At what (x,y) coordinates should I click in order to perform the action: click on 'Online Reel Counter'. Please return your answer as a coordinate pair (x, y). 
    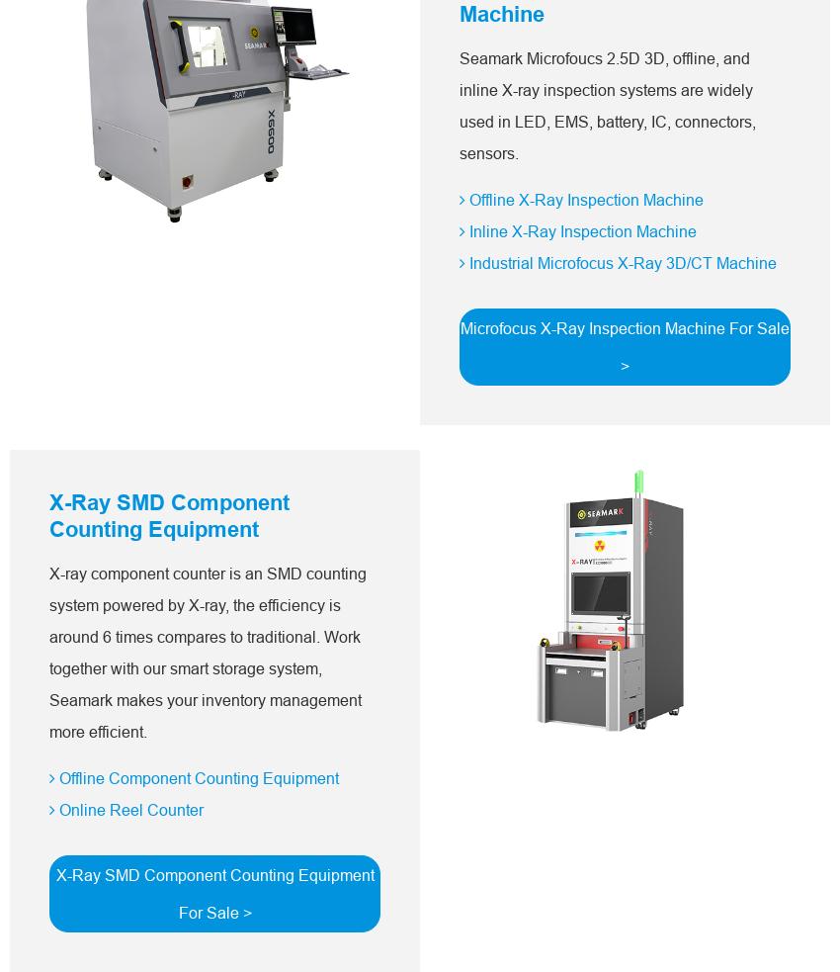
    Looking at the image, I should click on (128, 809).